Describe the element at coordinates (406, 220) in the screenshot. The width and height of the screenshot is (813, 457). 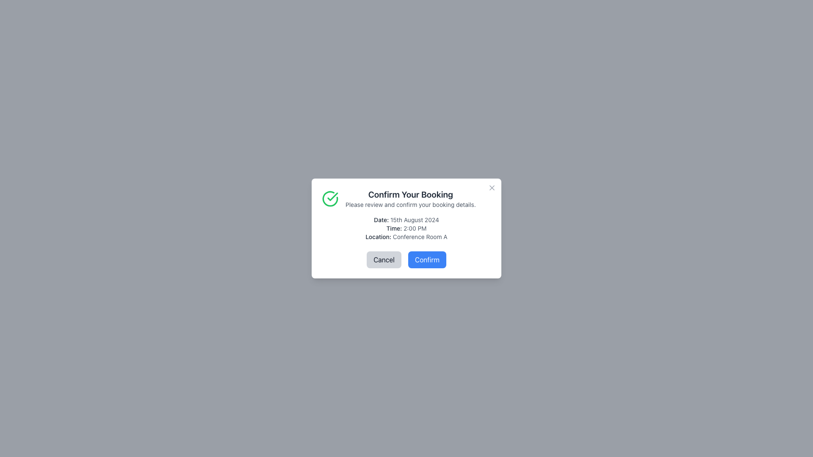
I see `the text label reading 'Date: 15th August 2024', which is located under the 'Confirm Your Booking' dialog heading` at that location.